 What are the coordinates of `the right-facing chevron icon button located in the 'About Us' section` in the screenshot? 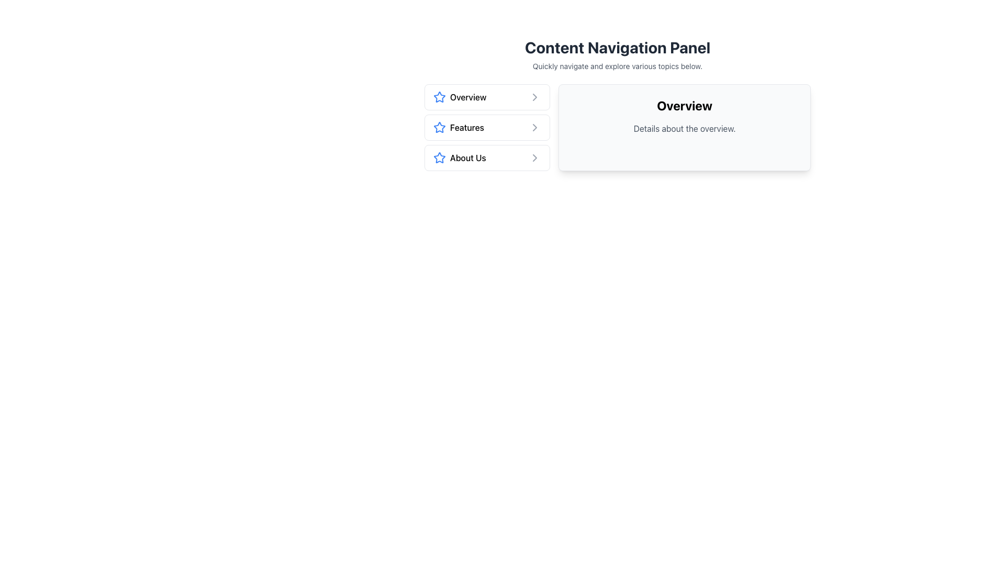 It's located at (535, 157).